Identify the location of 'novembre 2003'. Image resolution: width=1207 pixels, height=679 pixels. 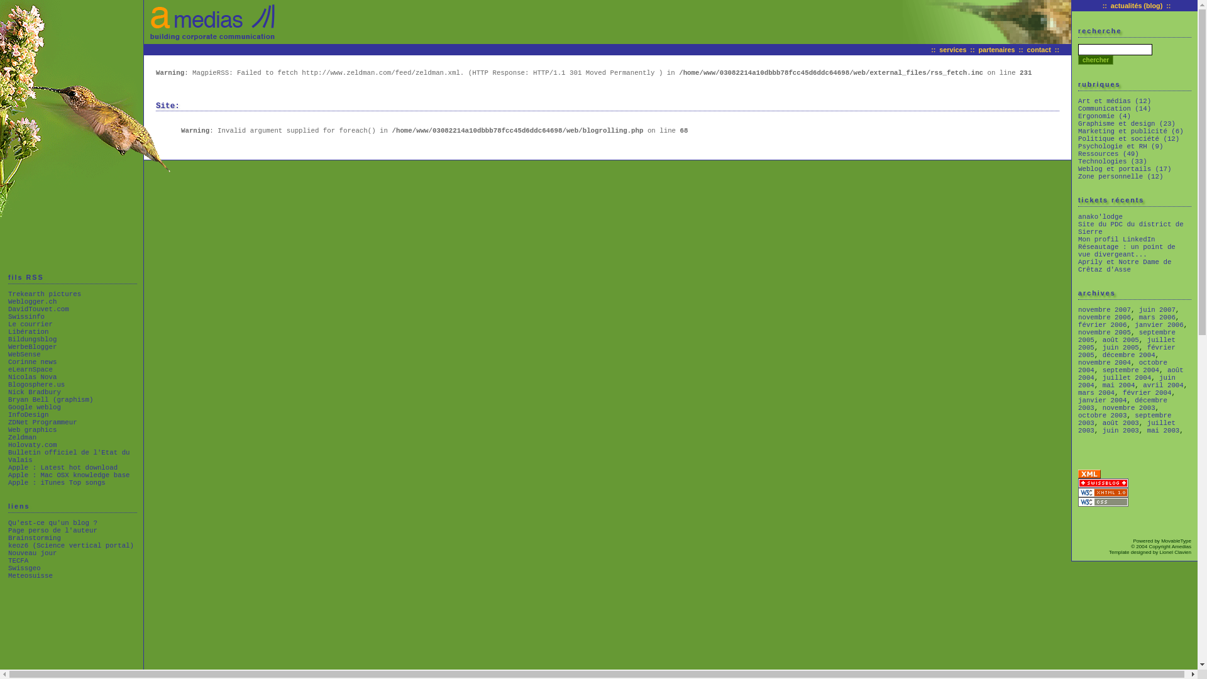
(1128, 407).